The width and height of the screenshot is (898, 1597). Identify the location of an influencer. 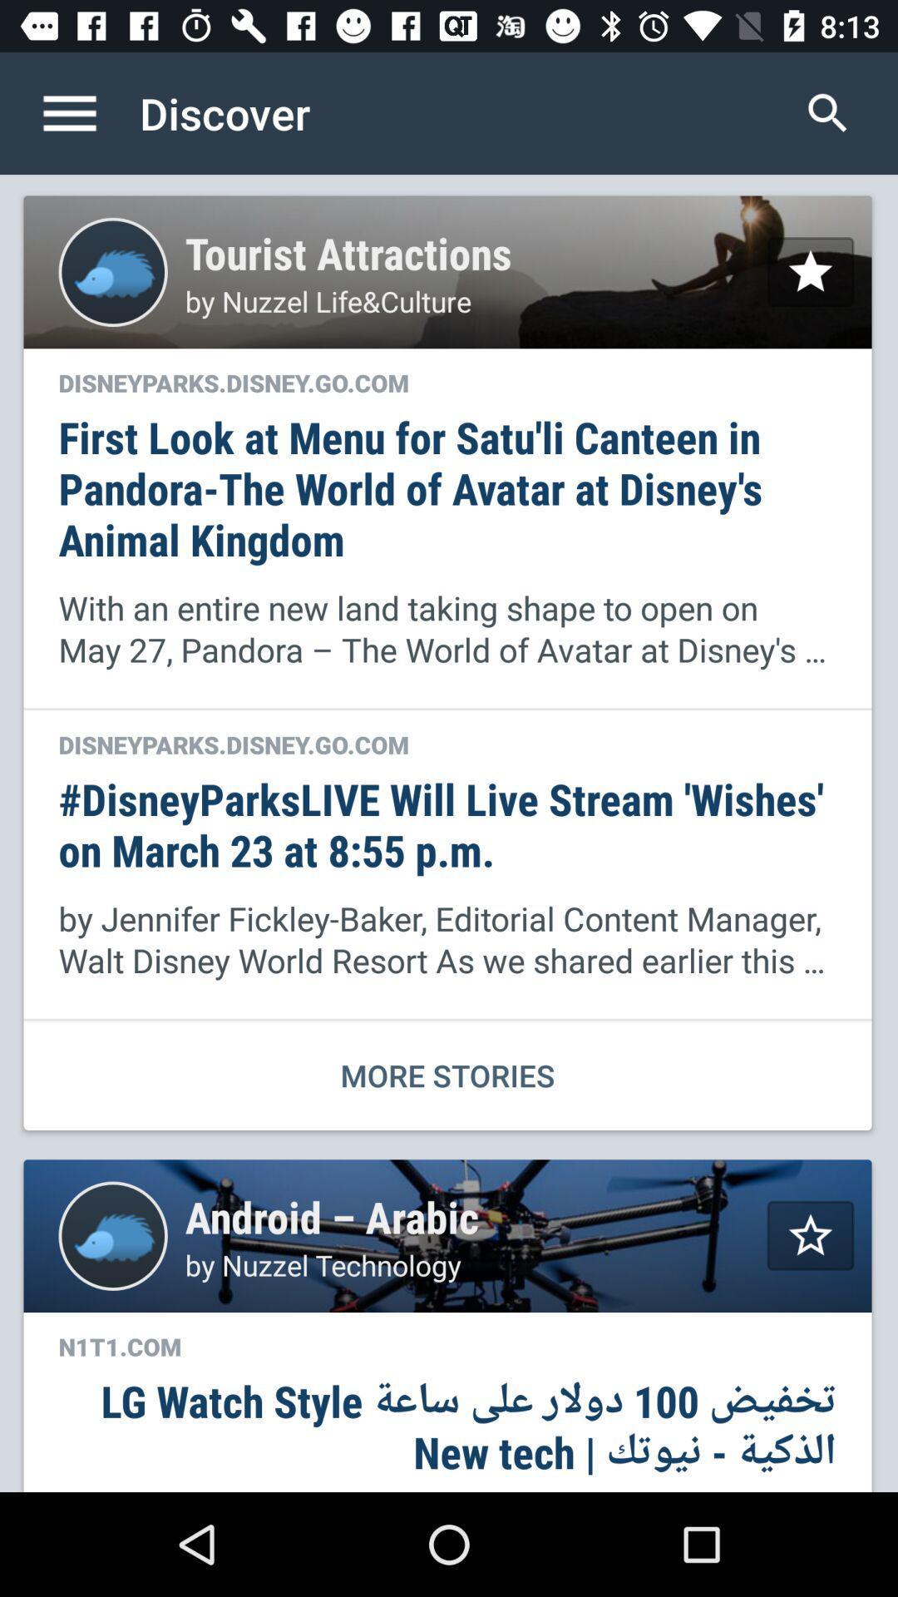
(810, 271).